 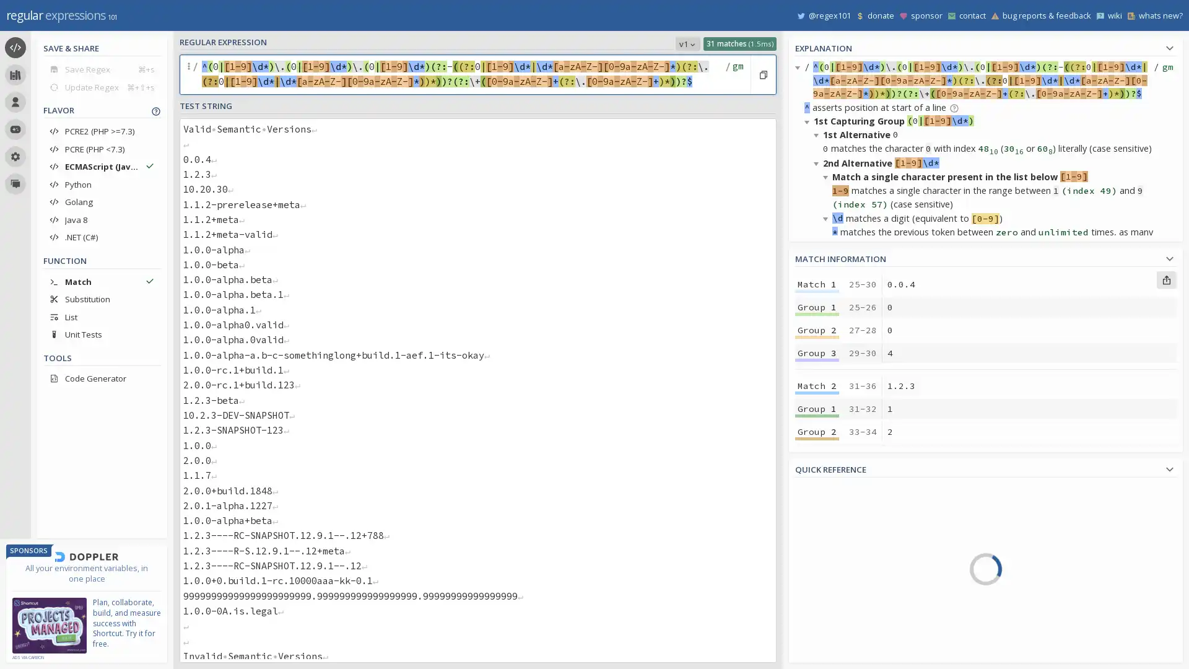 What do you see at coordinates (817, 431) in the screenshot?
I see `Group 2` at bounding box center [817, 431].